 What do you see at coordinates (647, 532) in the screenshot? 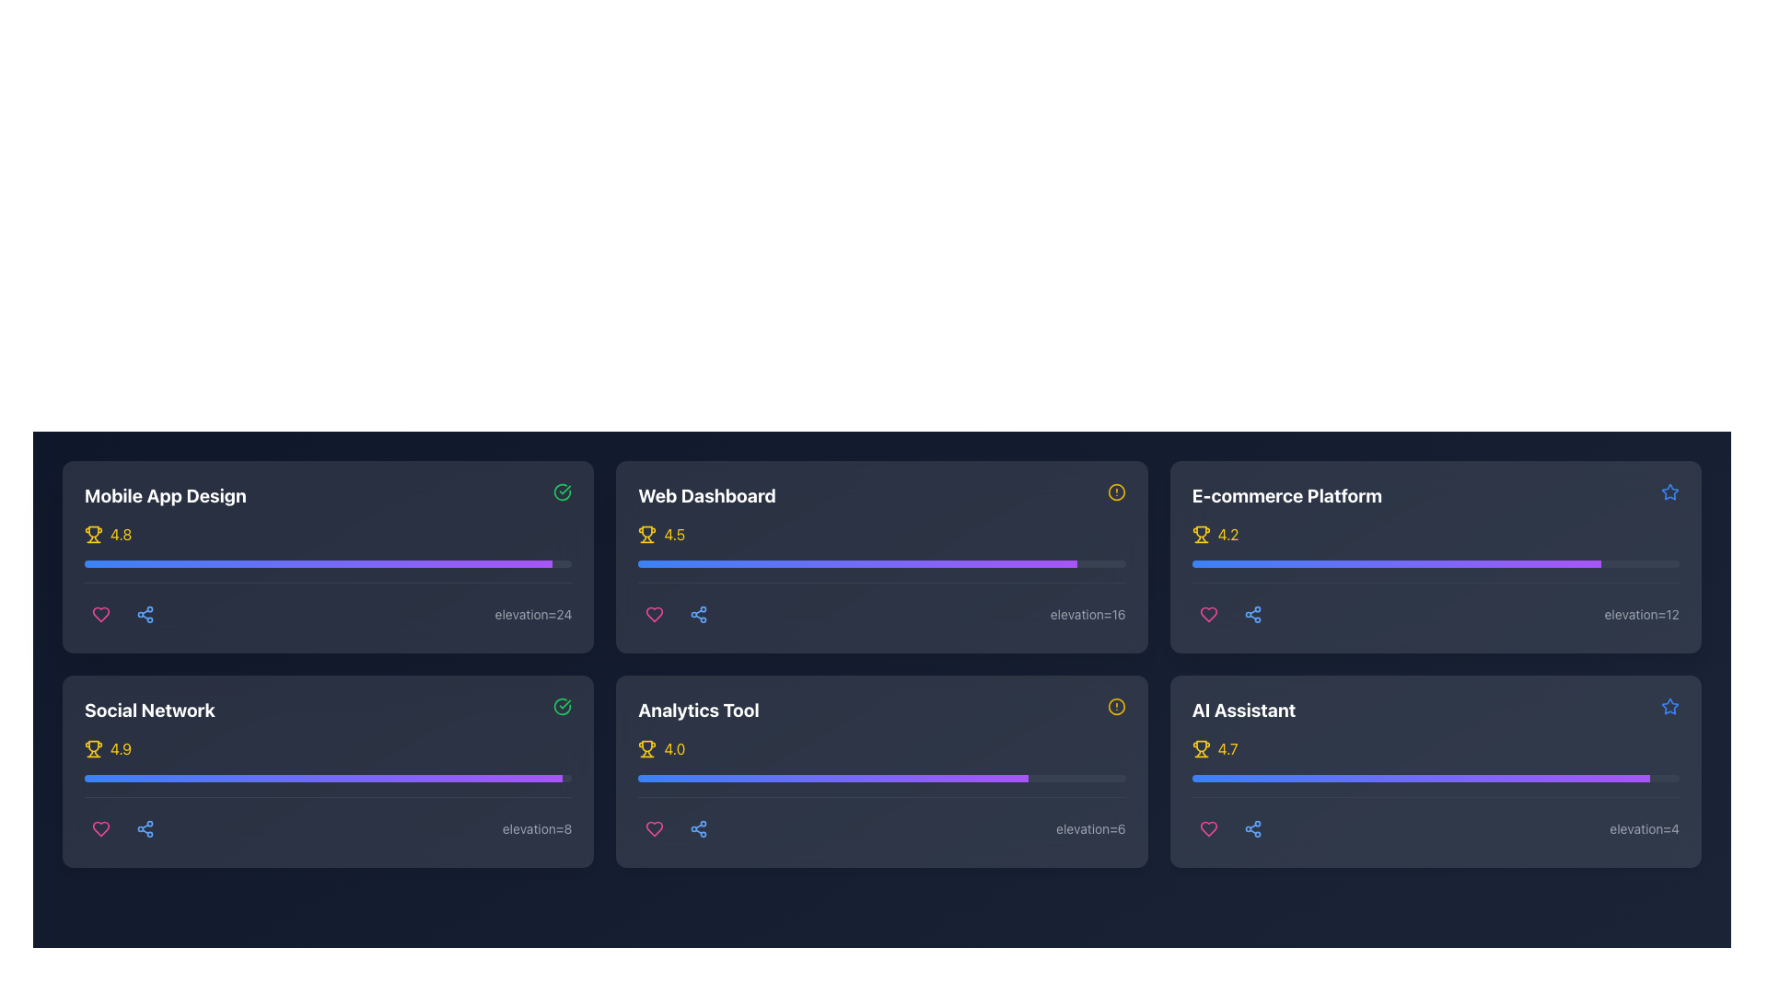
I see `the yellow trophy icon representing an award or achievement located in the upper left section of the 'Web Dashboard' card, adjacent to the rating score of '4.5'` at bounding box center [647, 532].